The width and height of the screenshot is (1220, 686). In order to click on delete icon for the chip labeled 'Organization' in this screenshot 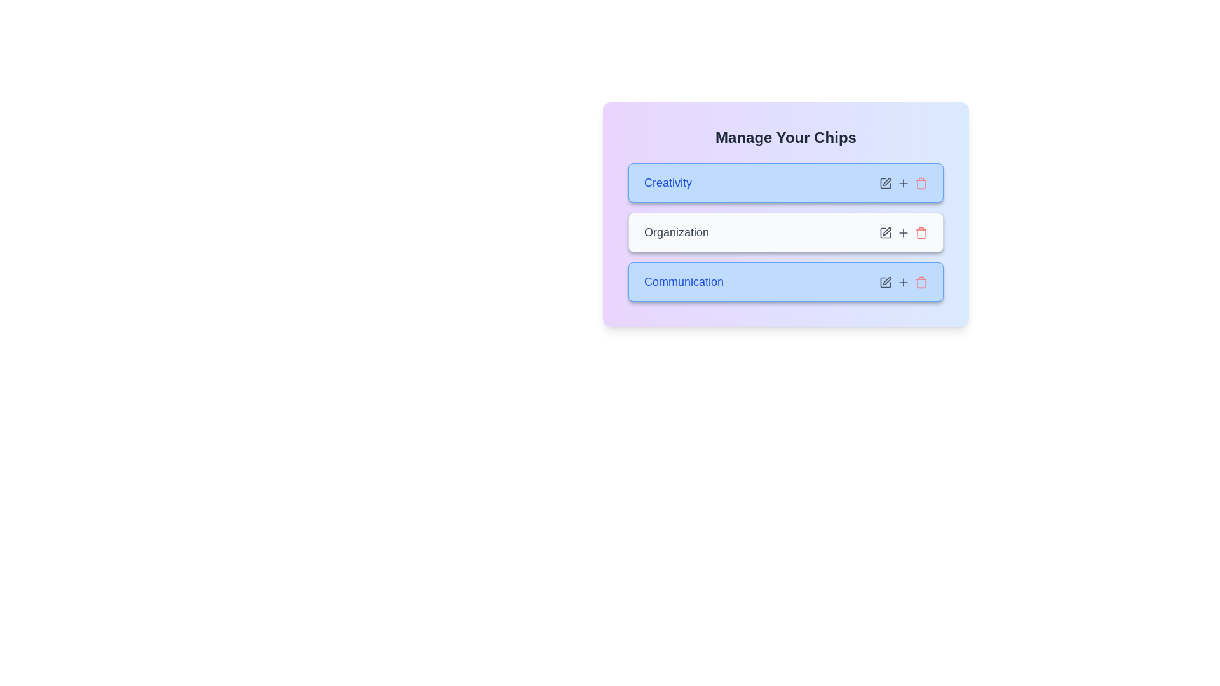, I will do `click(921, 232)`.